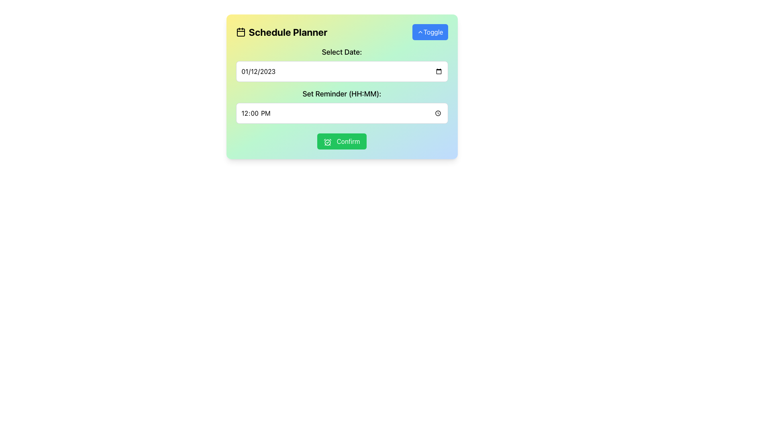 The height and width of the screenshot is (434, 771). What do you see at coordinates (430, 32) in the screenshot?
I see `the 'Toggle' button with a blue background and white text located at the top-right corner of the 'Schedule Planner' section` at bounding box center [430, 32].